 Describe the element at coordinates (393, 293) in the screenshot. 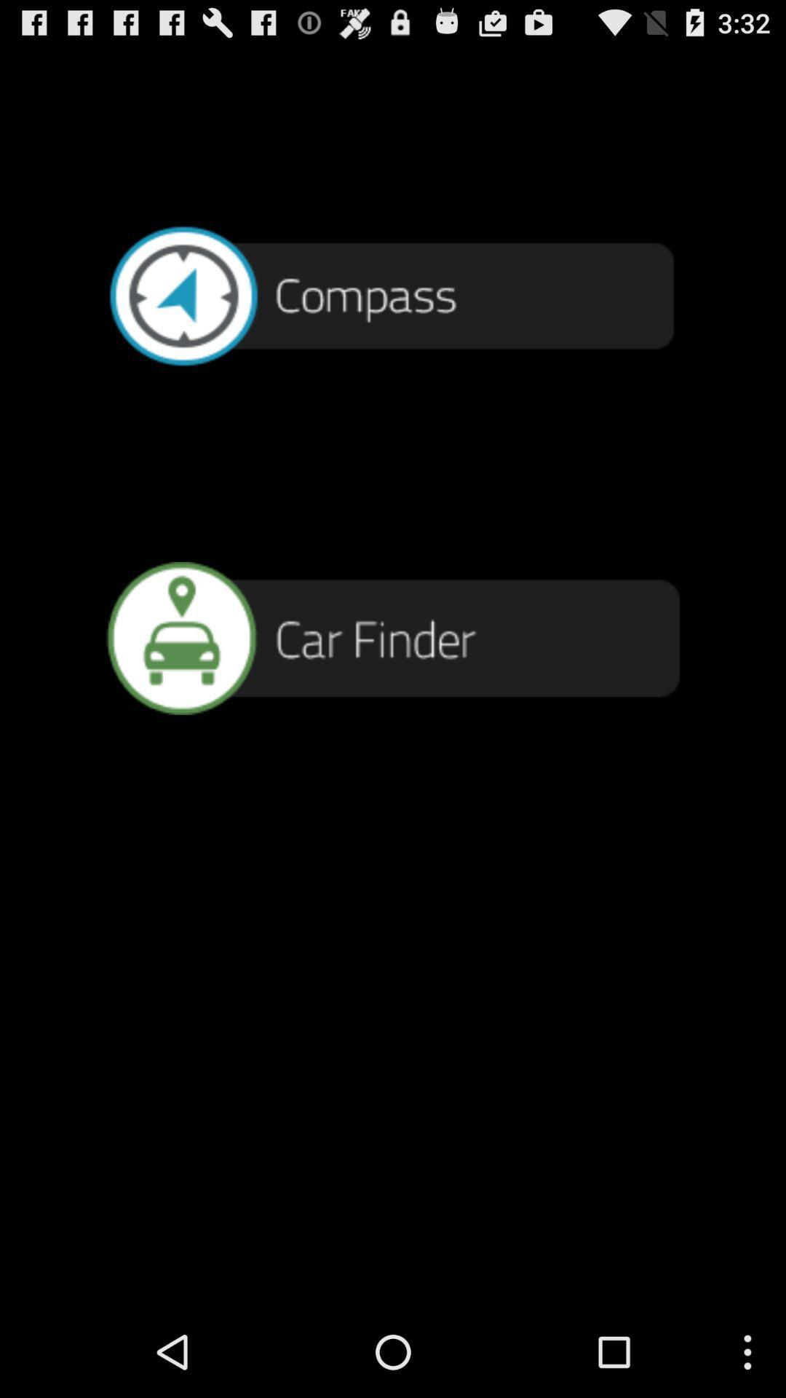

I see `compass icon` at that location.